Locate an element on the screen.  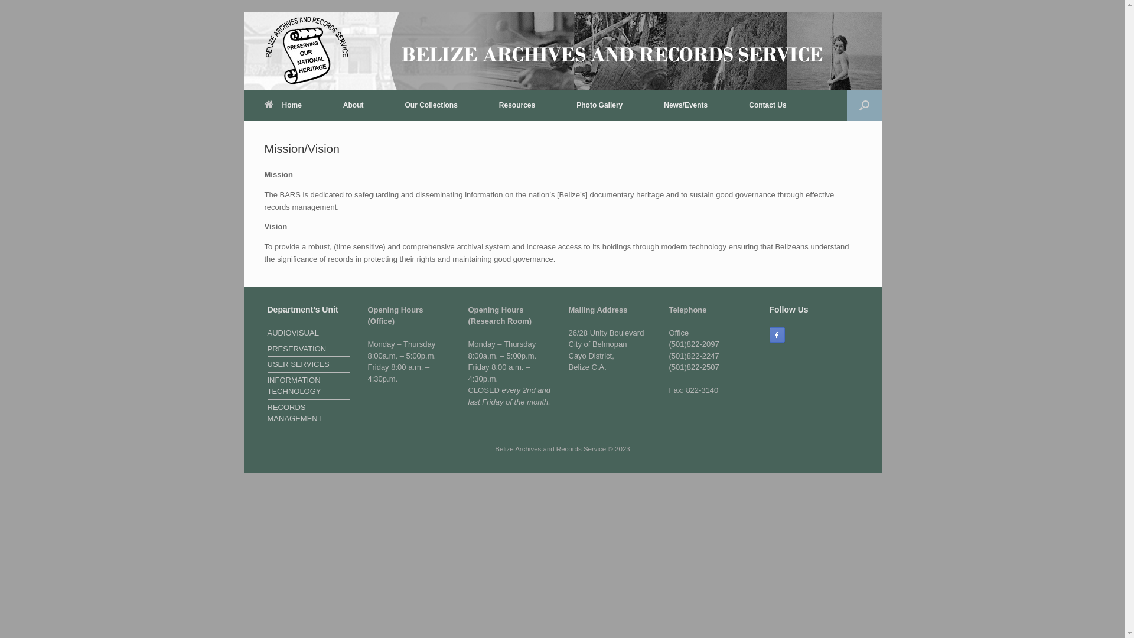
'Belize Archives and Records Service Facebook' is located at coordinates (777, 335).